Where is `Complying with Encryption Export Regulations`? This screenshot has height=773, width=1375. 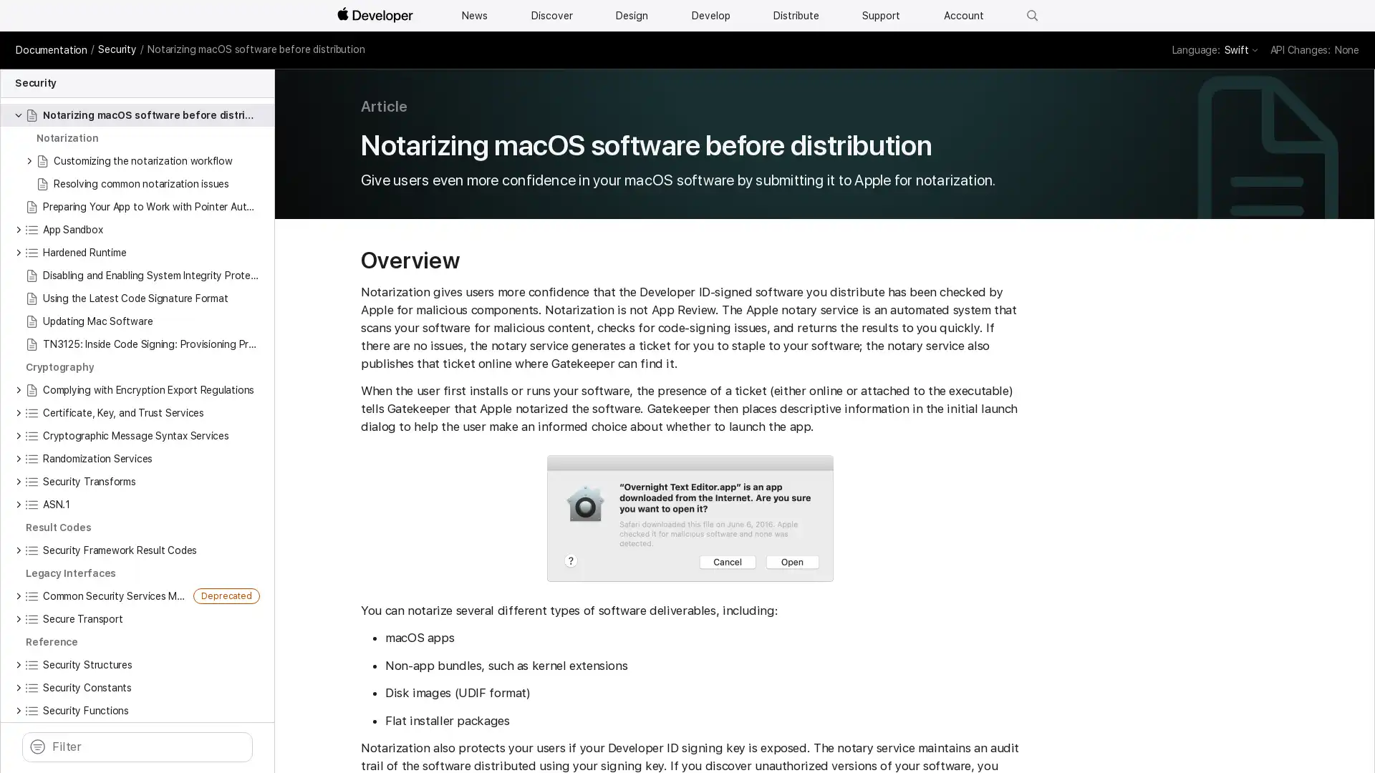
Complying with Encryption Export Regulations is located at coordinates (16, 398).